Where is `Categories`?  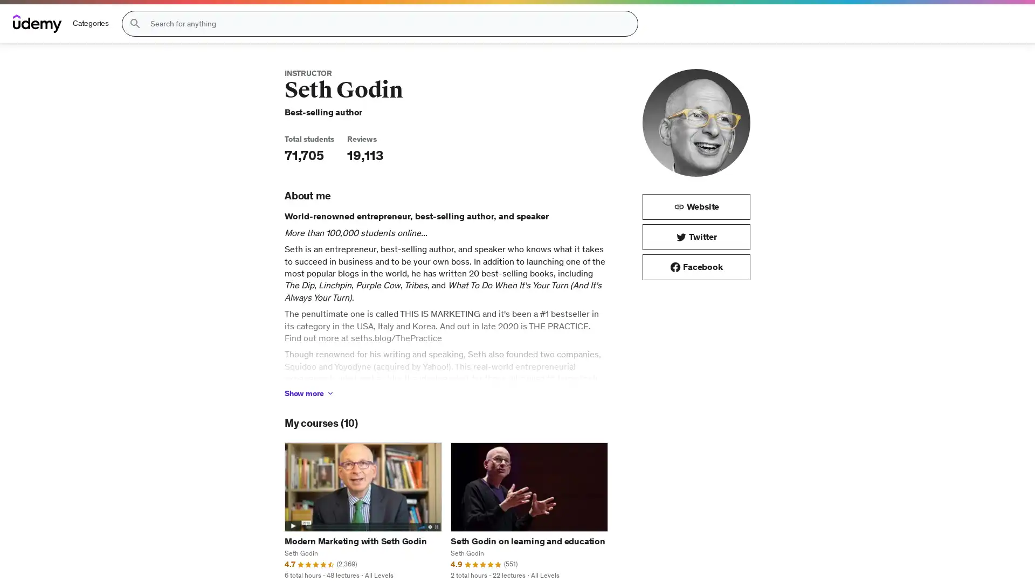
Categories is located at coordinates (91, 23).